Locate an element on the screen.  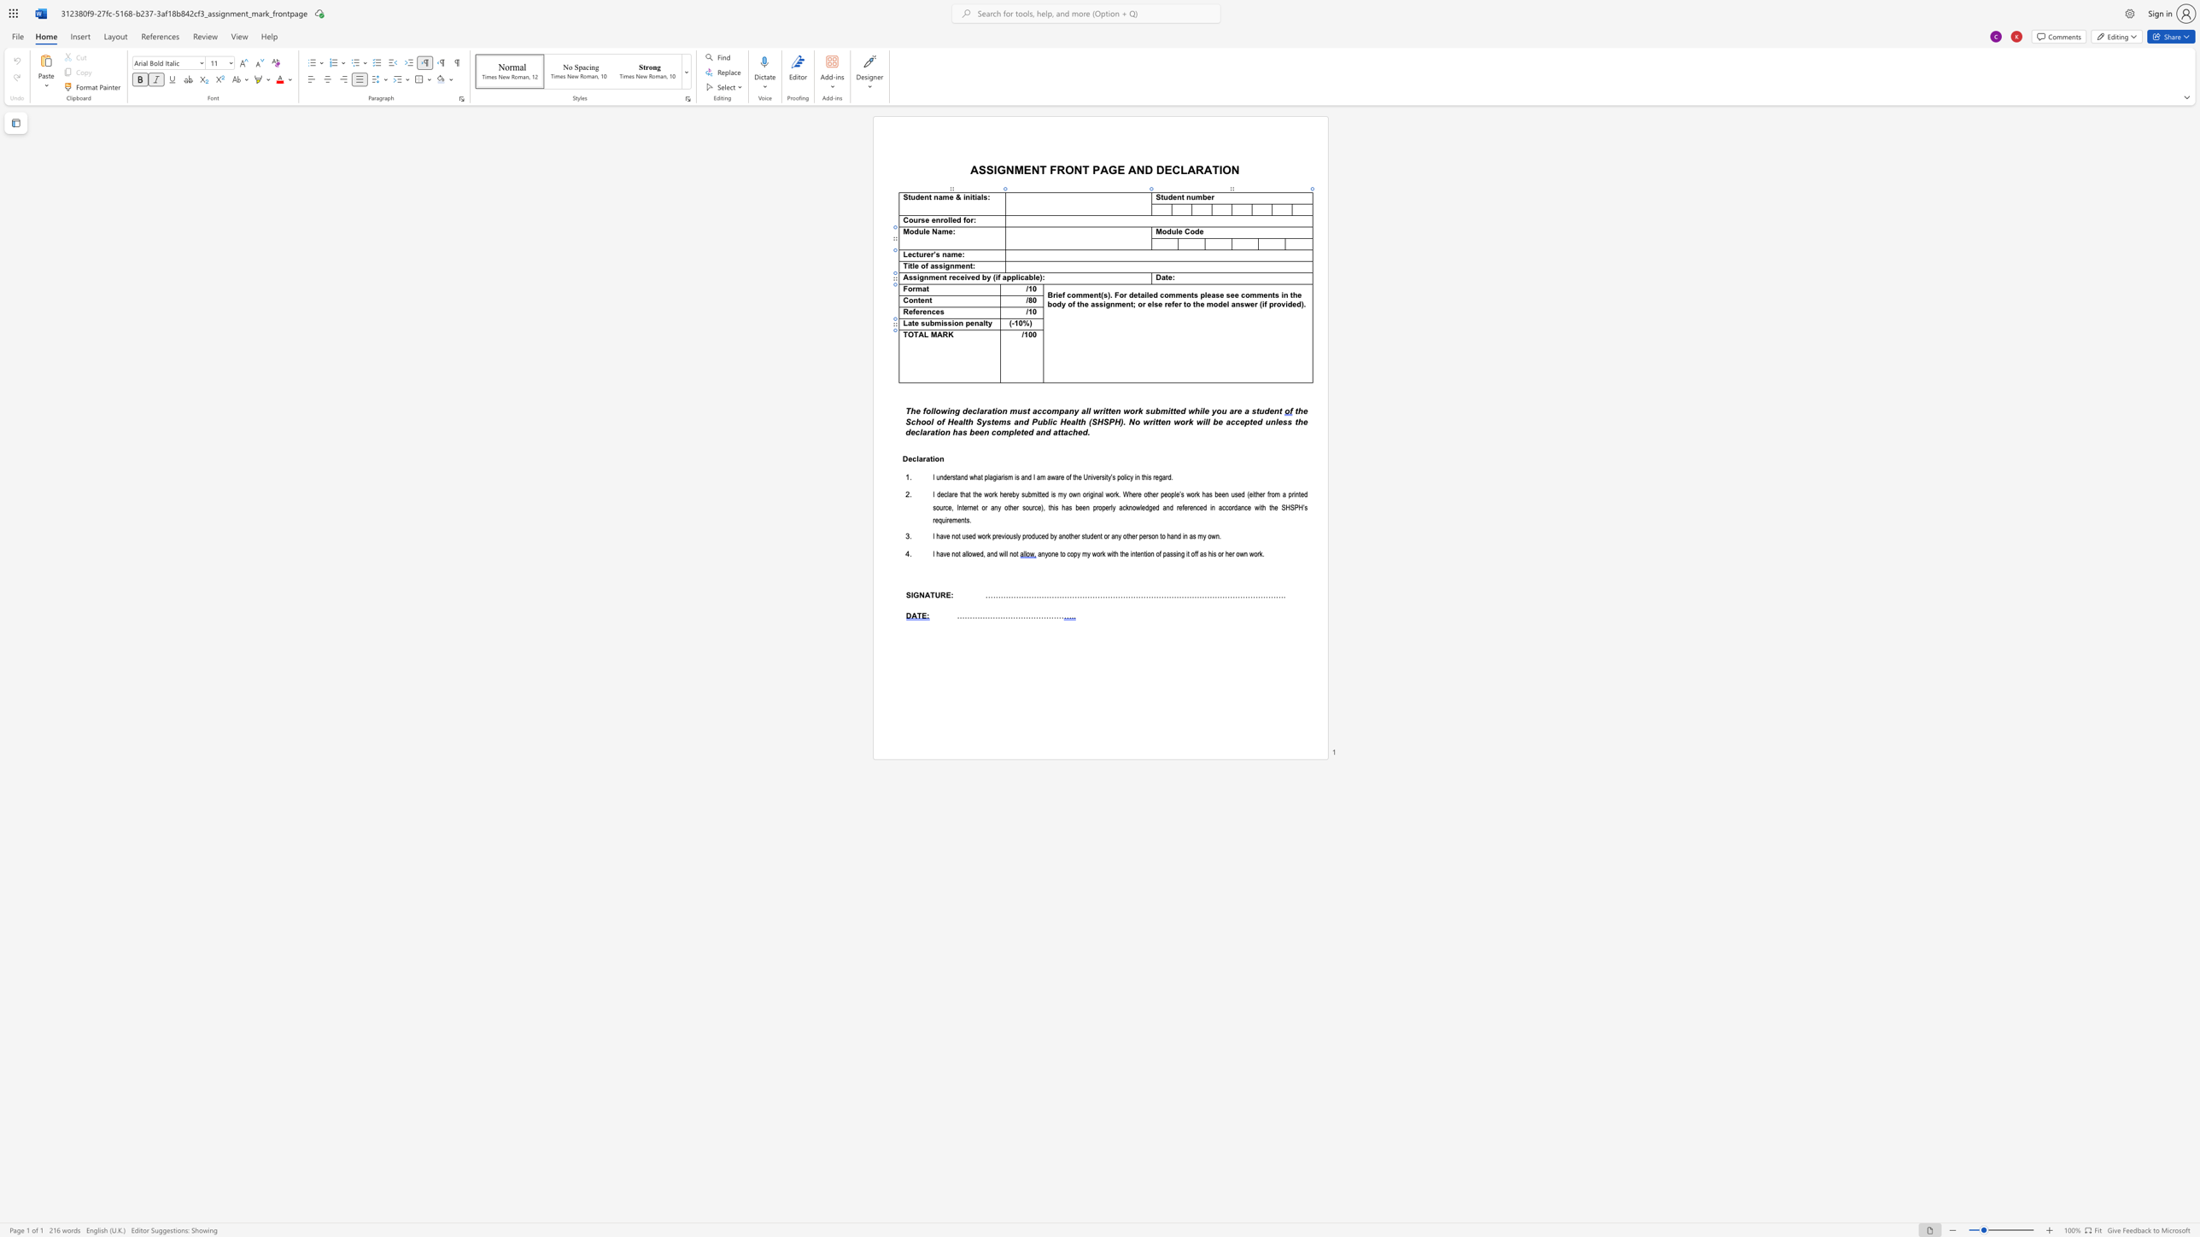
the space between the continuous character "O" and "N" in the text is located at coordinates (1230, 168).